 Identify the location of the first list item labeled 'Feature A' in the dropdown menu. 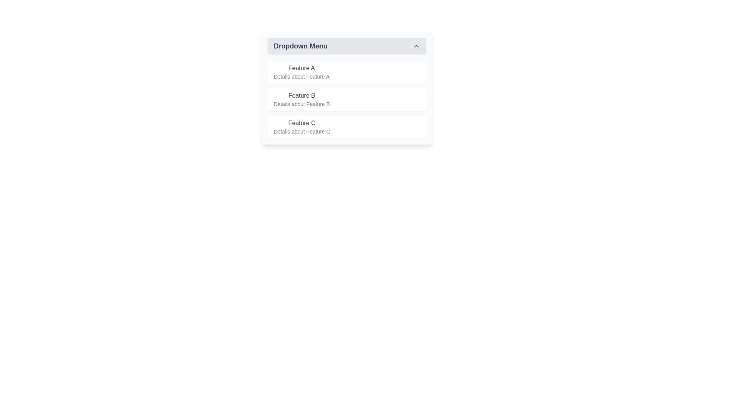
(301, 72).